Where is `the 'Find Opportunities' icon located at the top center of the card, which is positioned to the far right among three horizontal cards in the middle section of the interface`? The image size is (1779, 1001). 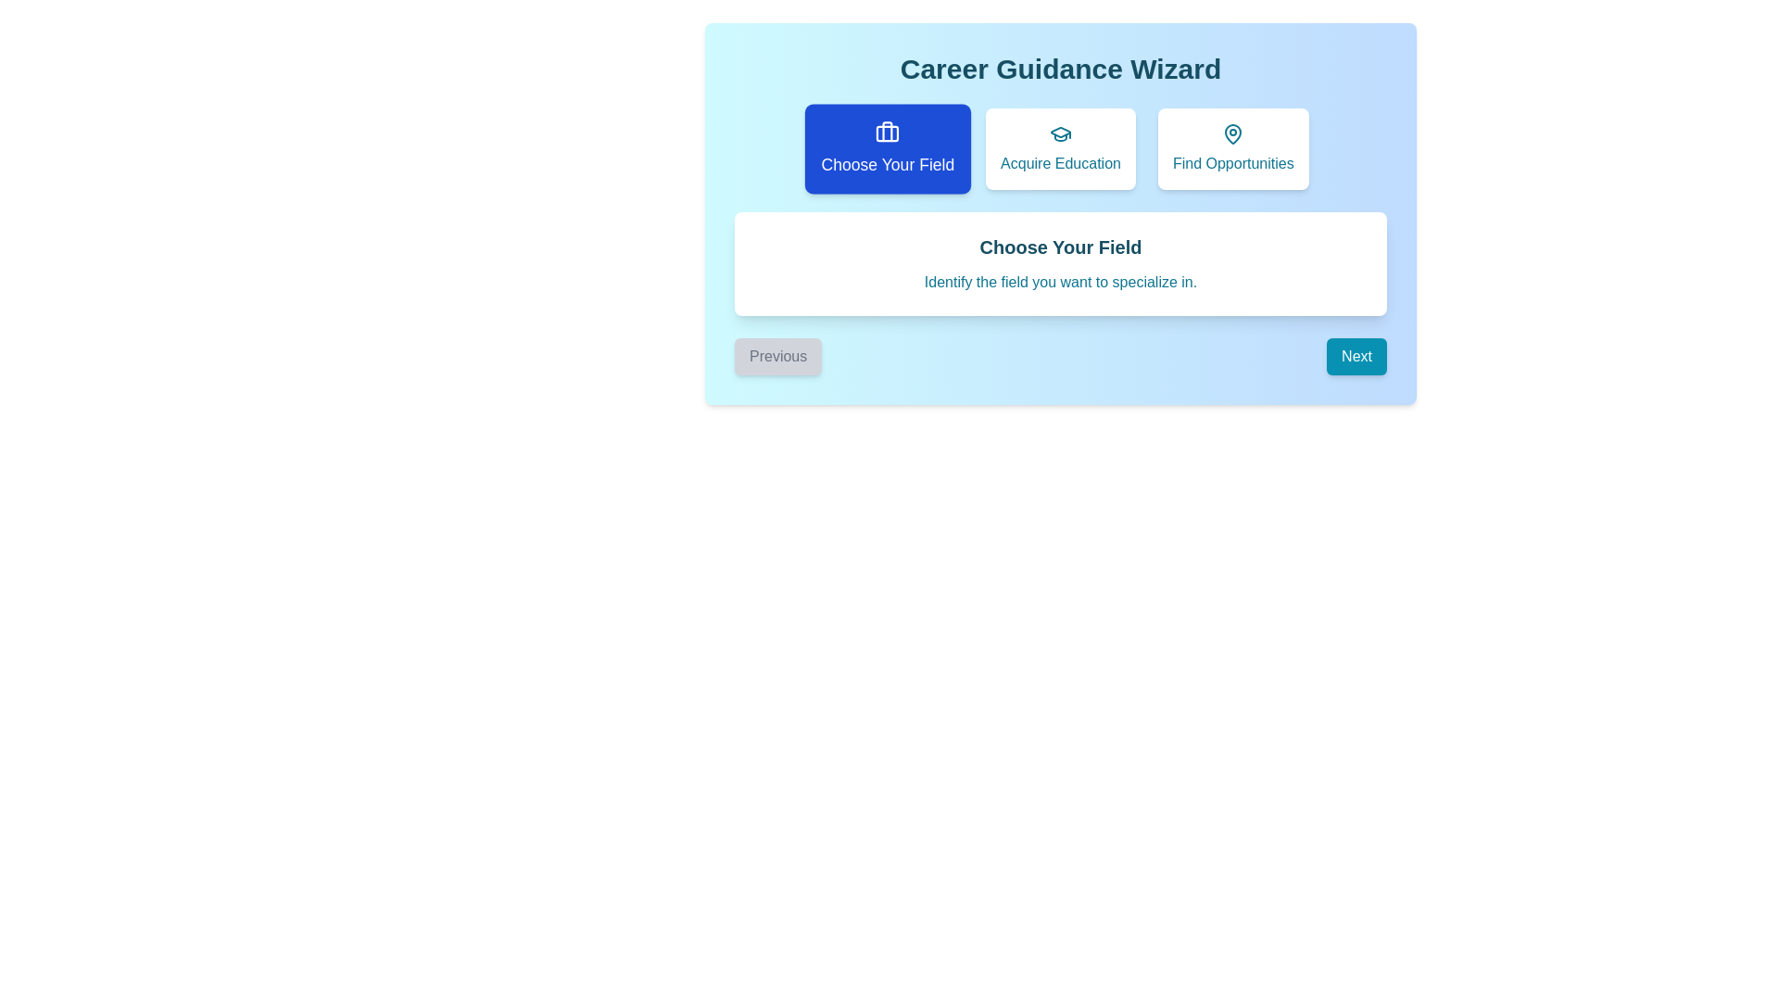
the 'Find Opportunities' icon located at the top center of the card, which is positioned to the far right among three horizontal cards in the middle section of the interface is located at coordinates (1233, 133).